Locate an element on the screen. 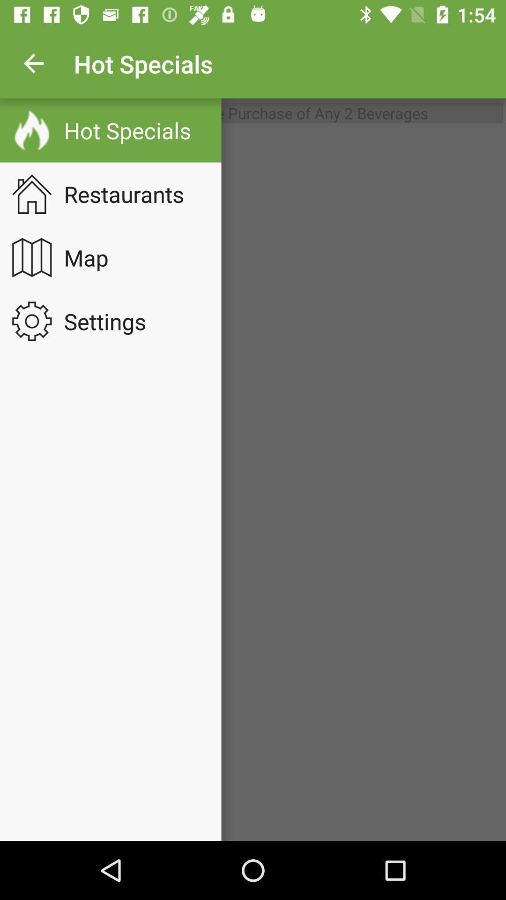  icon at the center is located at coordinates (253, 484).